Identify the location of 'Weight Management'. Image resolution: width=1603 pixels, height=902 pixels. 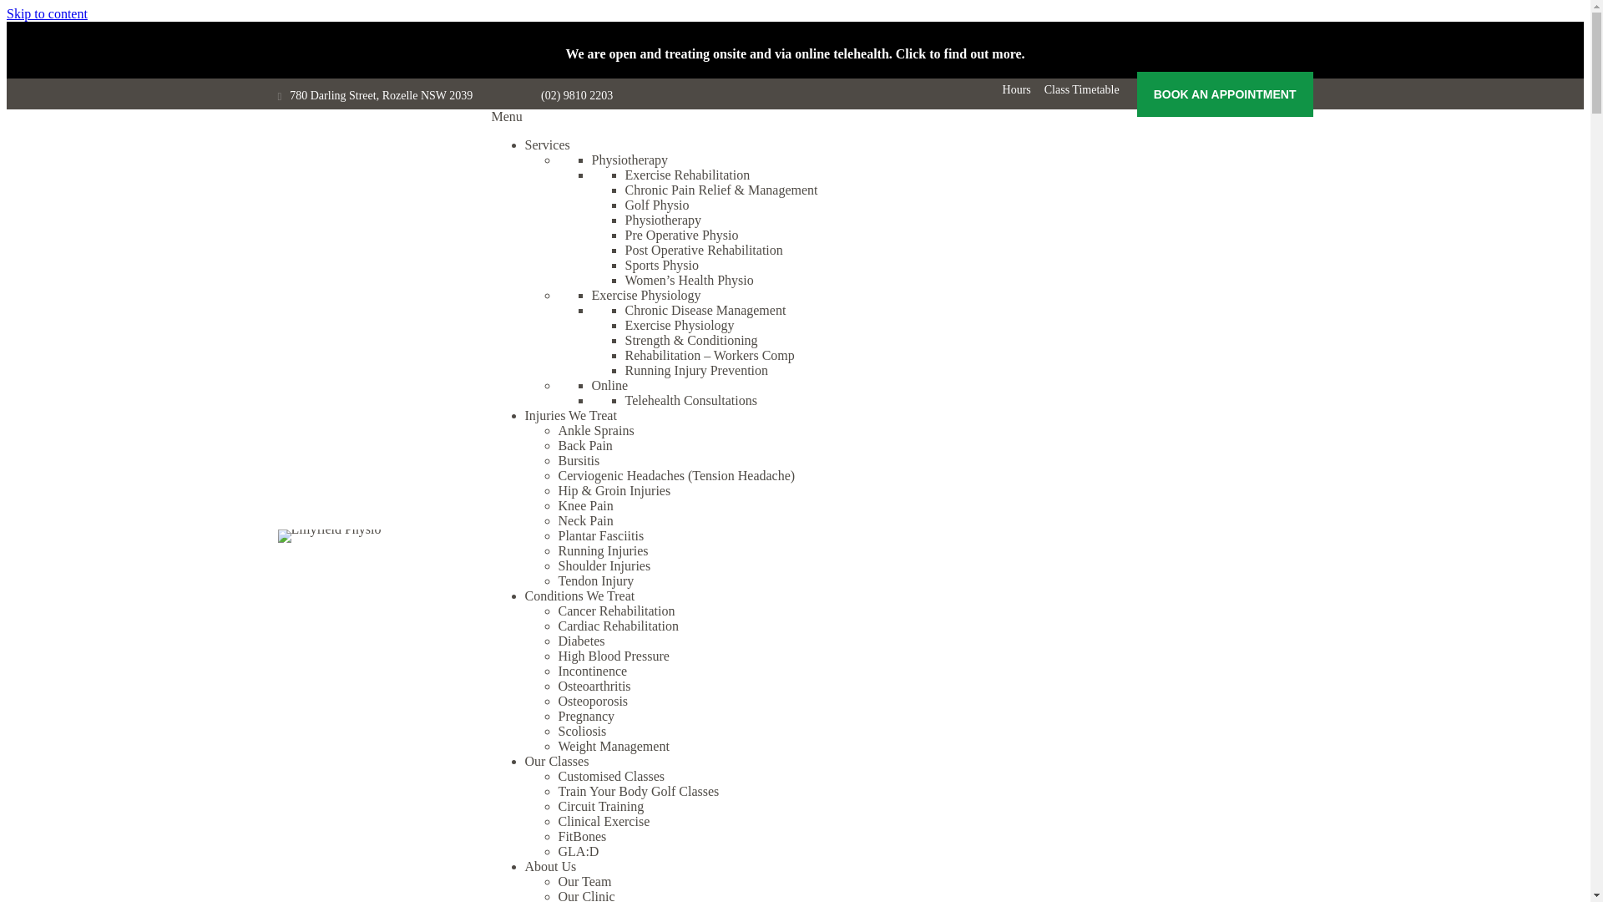
(557, 745).